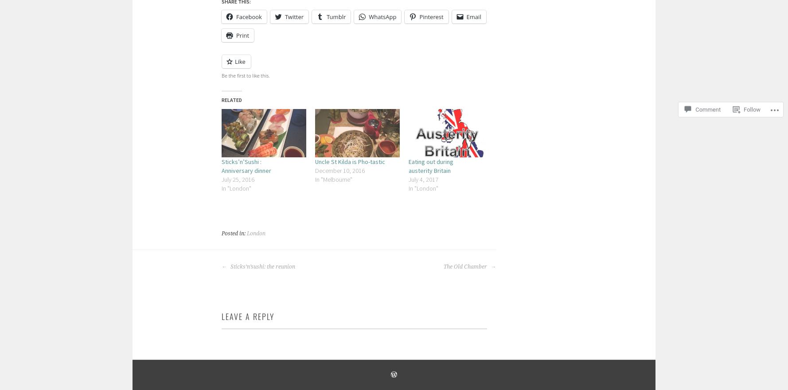 This screenshot has width=788, height=390. What do you see at coordinates (256, 232) in the screenshot?
I see `'London'` at bounding box center [256, 232].